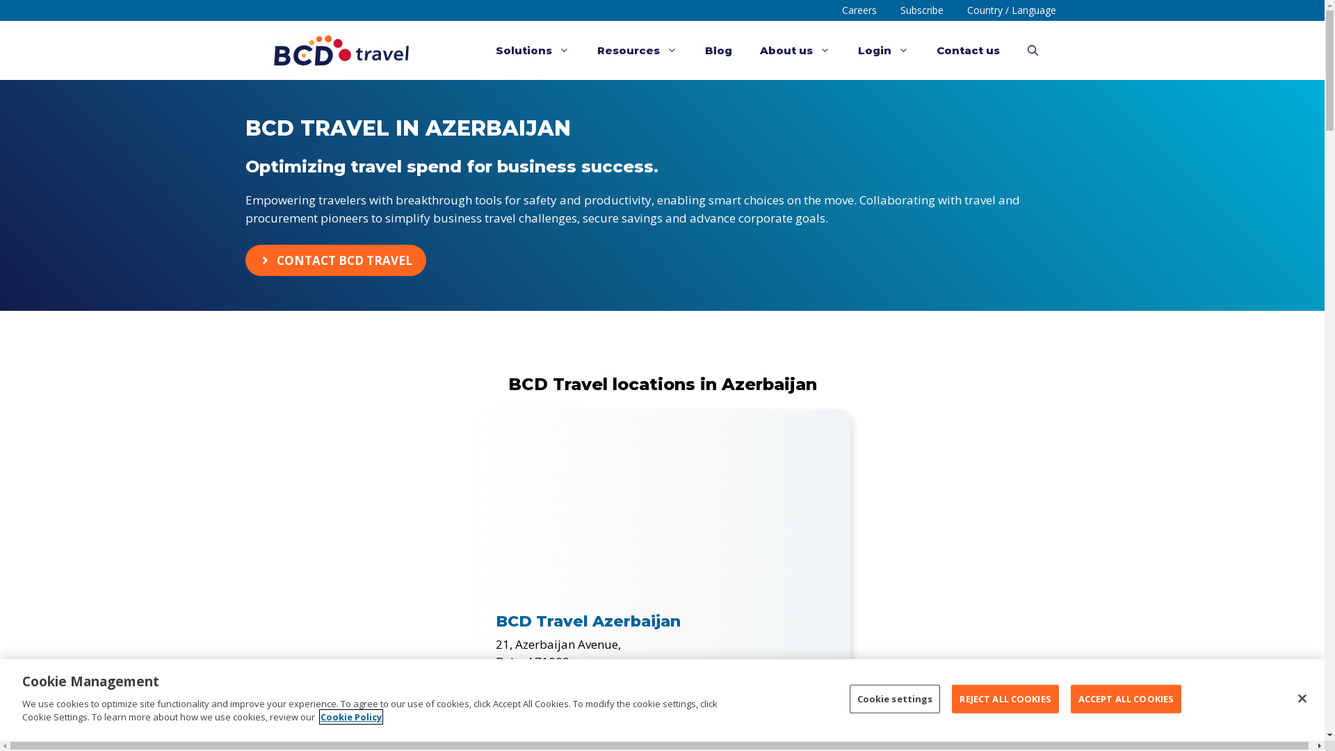 The image size is (1335, 751). I want to click on 'BCD Travel', so click(341, 49).